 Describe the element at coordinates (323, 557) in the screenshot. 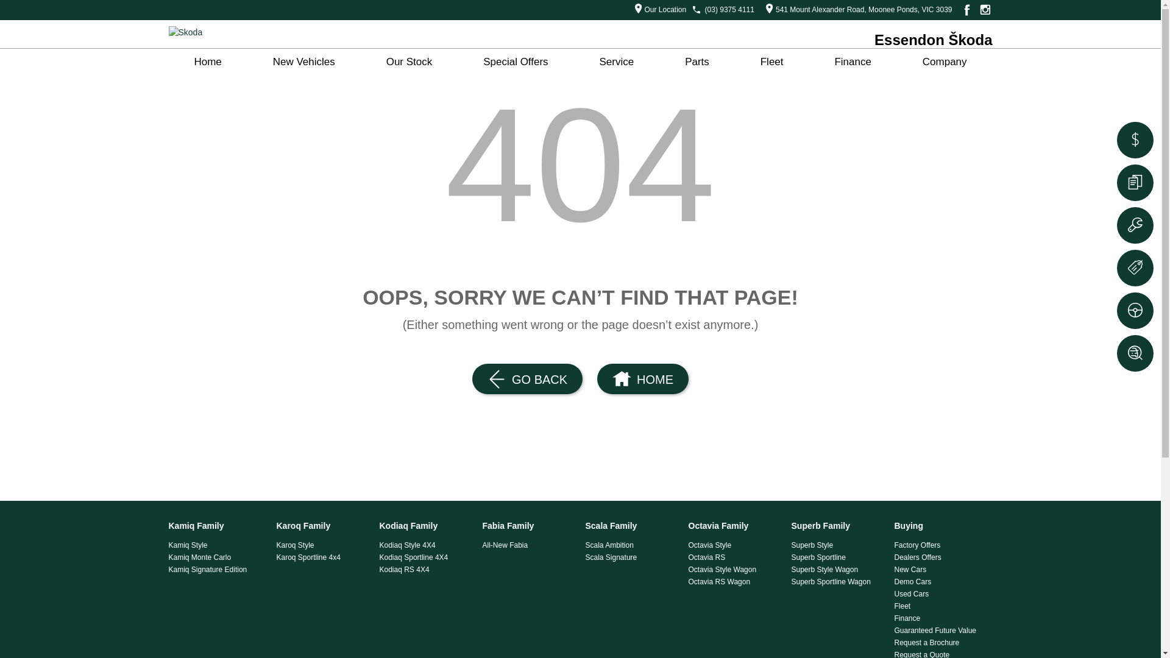

I see `'Karoq Sportline 4x4'` at that location.